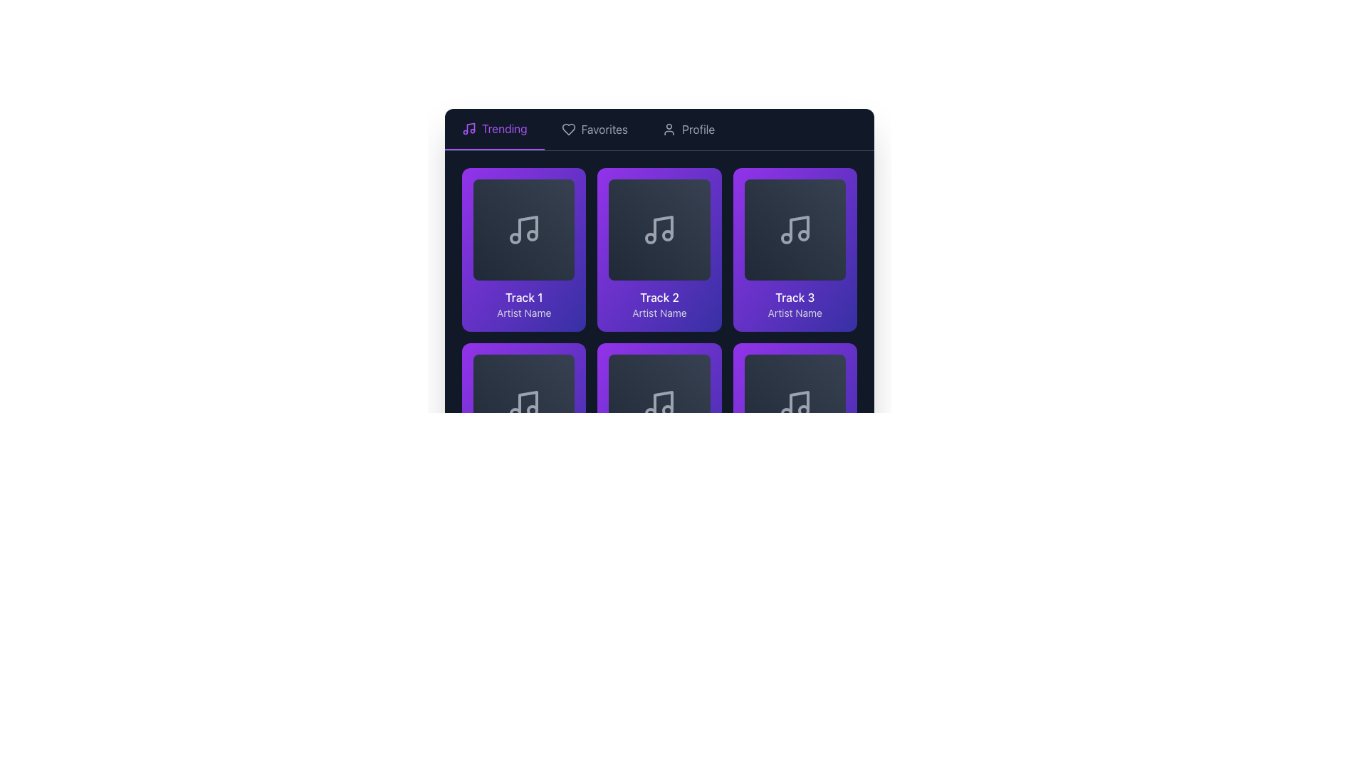 The height and width of the screenshot is (769, 1367). Describe the element at coordinates (785, 238) in the screenshot. I see `the leftmost circular element of the musical notes icon within the 'Track 3' card` at that location.